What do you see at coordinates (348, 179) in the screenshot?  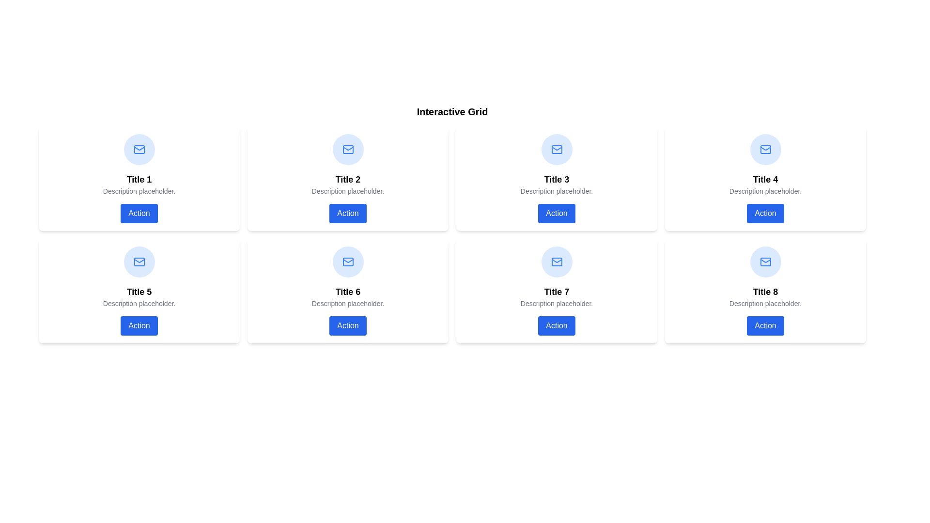 I see `the second card in the grid layout, located in the first row, second column to trigger a visual effect` at bounding box center [348, 179].